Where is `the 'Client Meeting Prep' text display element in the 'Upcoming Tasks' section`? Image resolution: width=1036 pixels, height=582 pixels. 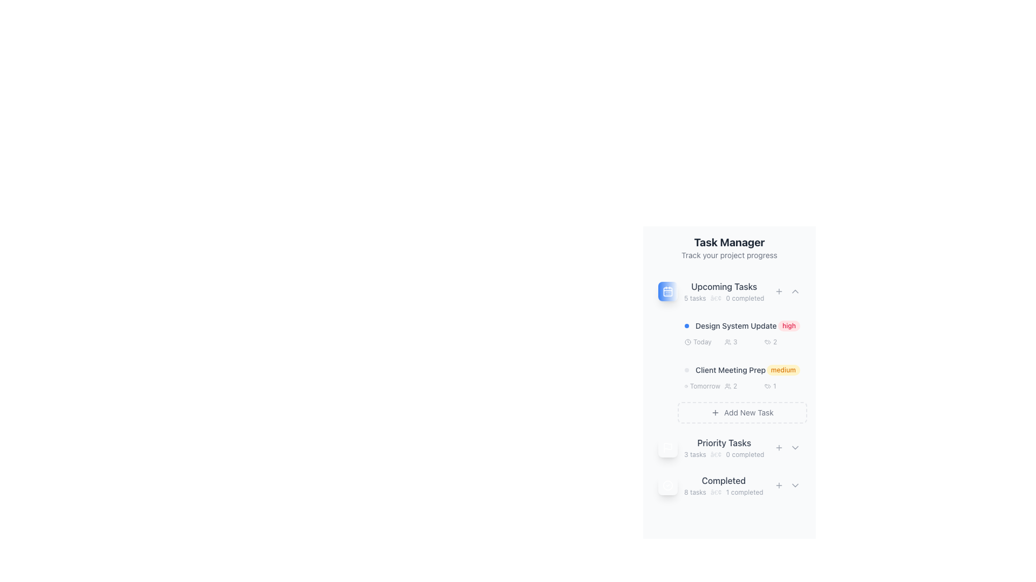 the 'Client Meeting Prep' text display element in the 'Upcoming Tasks' section is located at coordinates (725, 369).